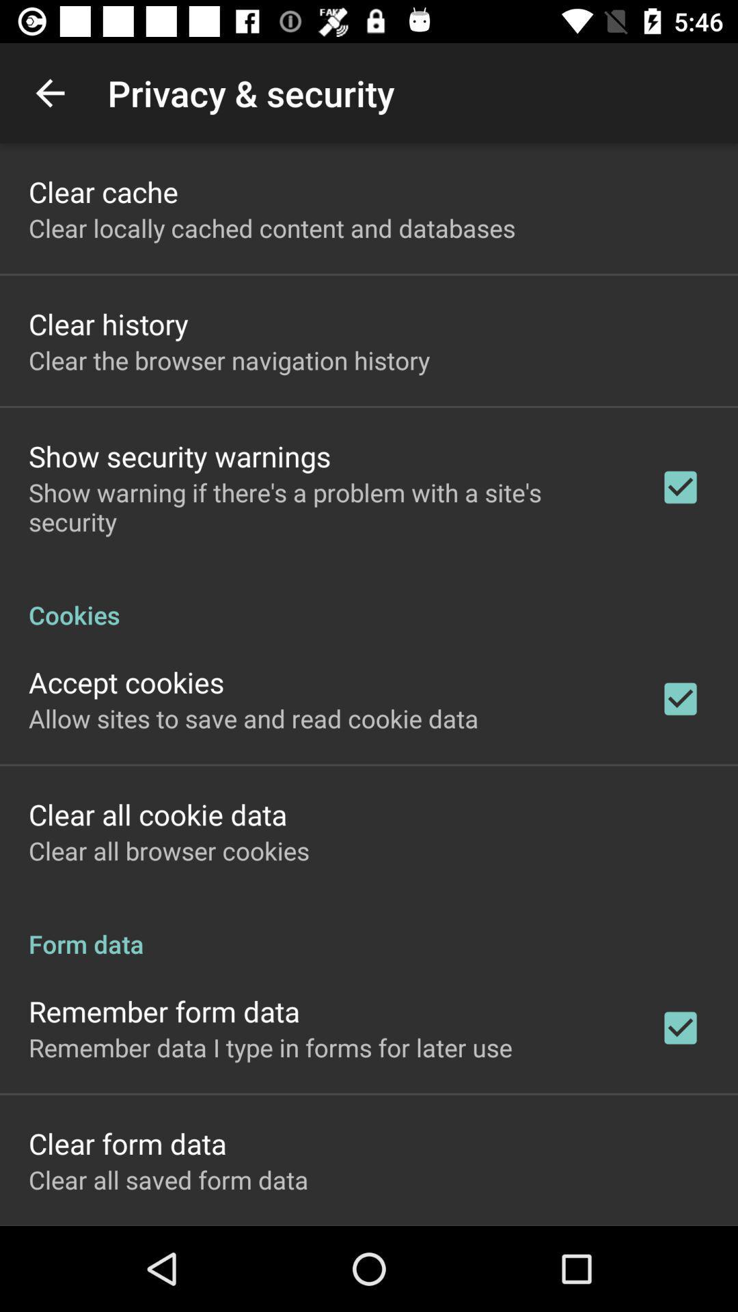 This screenshot has width=738, height=1312. Describe the element at coordinates (272, 228) in the screenshot. I see `clear locally cached icon` at that location.